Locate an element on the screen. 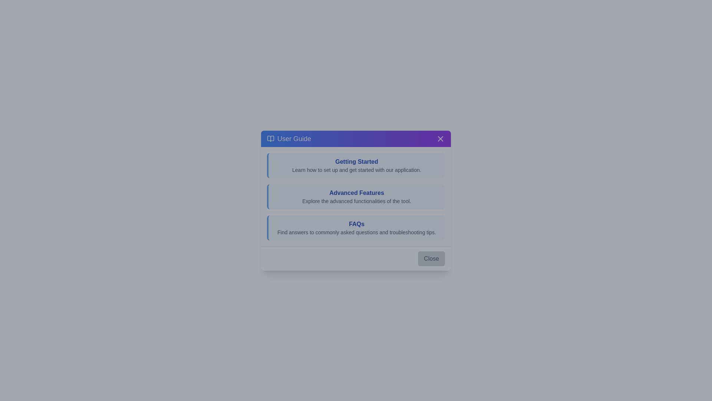 The height and width of the screenshot is (401, 712). the text element displaying 'Explore the advanced functionalities of the tool.' located beneath the title 'Advanced Features' within a highlighted section with a blue border is located at coordinates (356, 200).